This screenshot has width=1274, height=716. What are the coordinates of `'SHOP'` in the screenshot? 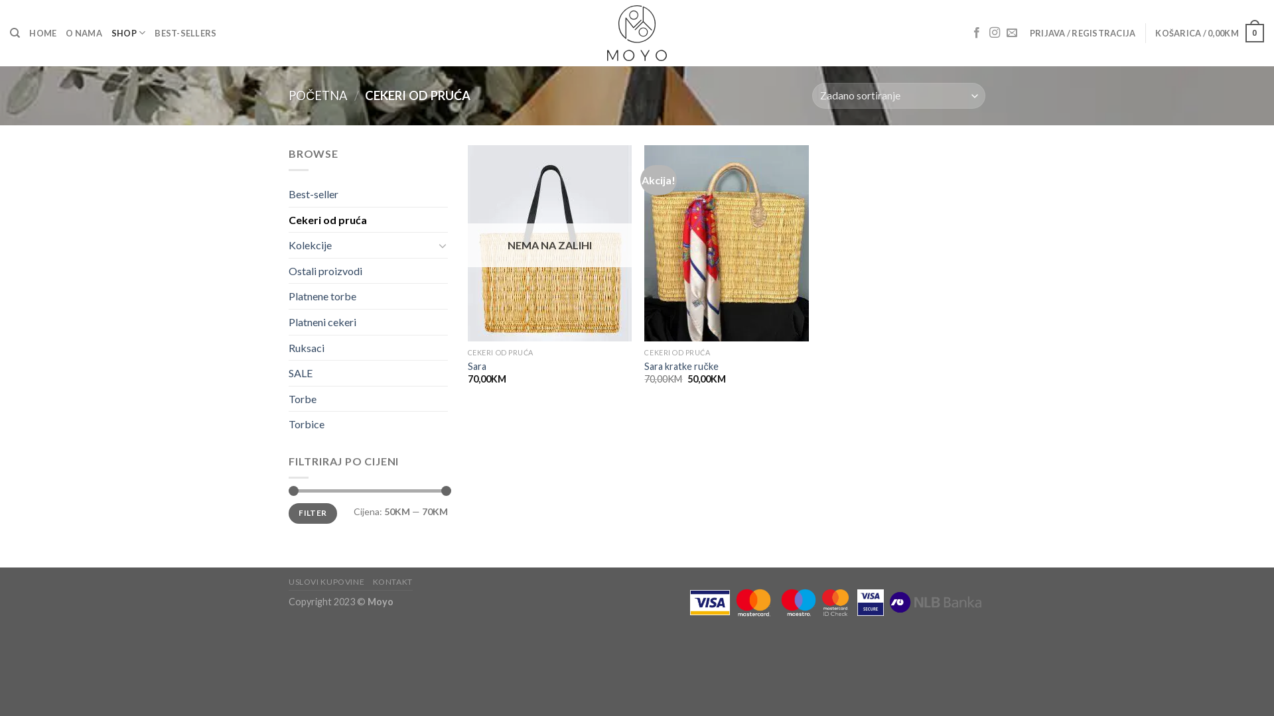 It's located at (111, 32).